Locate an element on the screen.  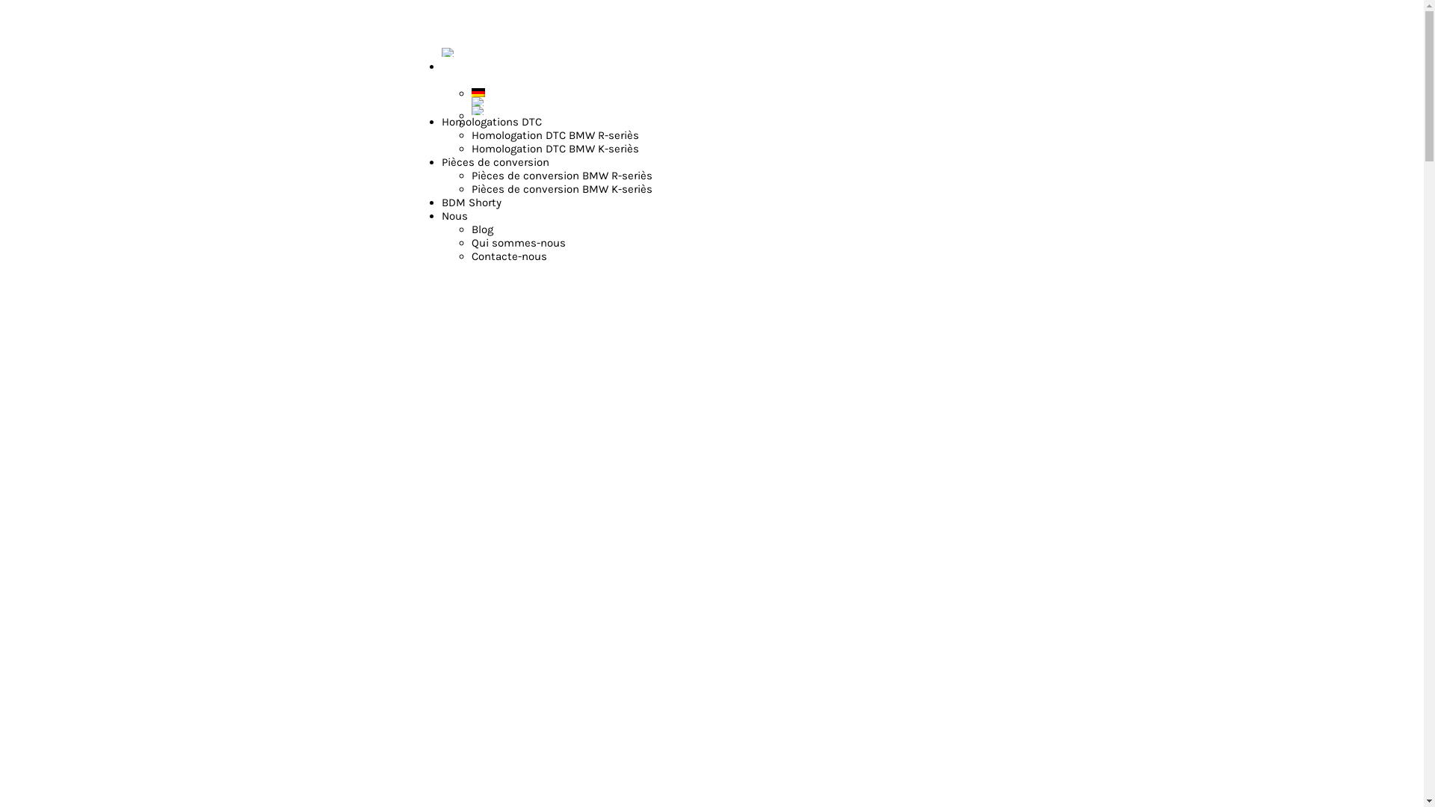
'Homologations DTC' is located at coordinates (491, 120).